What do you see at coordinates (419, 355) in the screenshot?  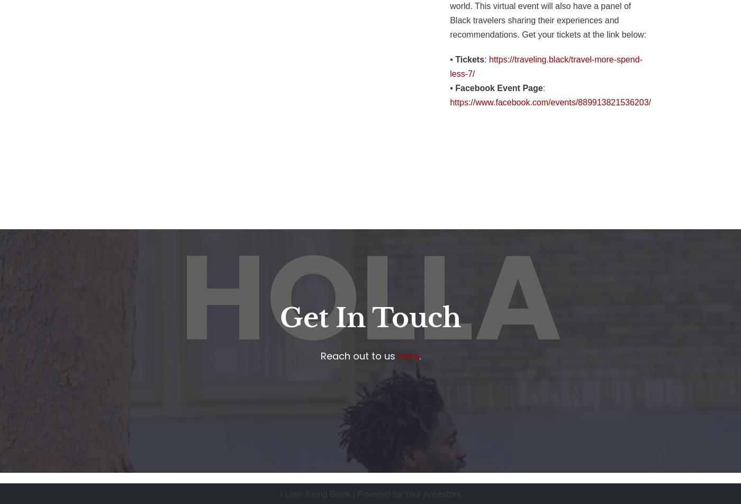 I see `'.'` at bounding box center [419, 355].